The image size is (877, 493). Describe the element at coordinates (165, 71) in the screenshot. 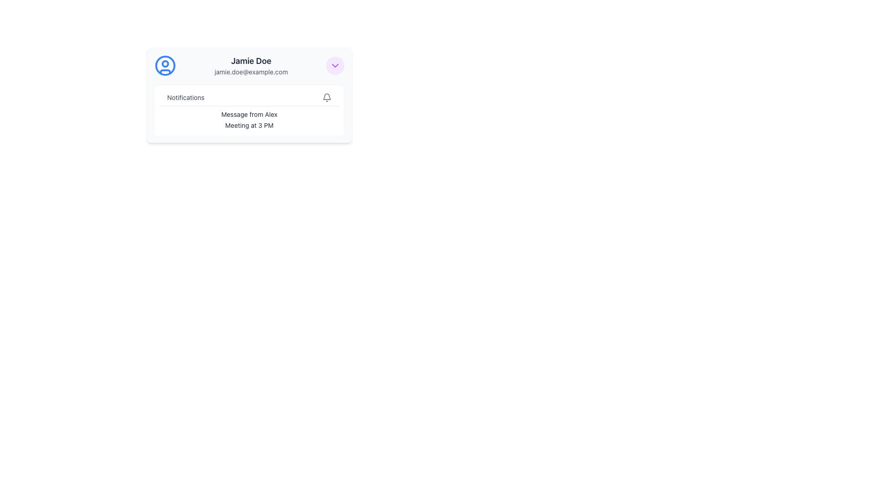

I see `the bottom-most segment of the user profile icon, which is a curved line styled to resemble an icon segment within a blue circle` at that location.